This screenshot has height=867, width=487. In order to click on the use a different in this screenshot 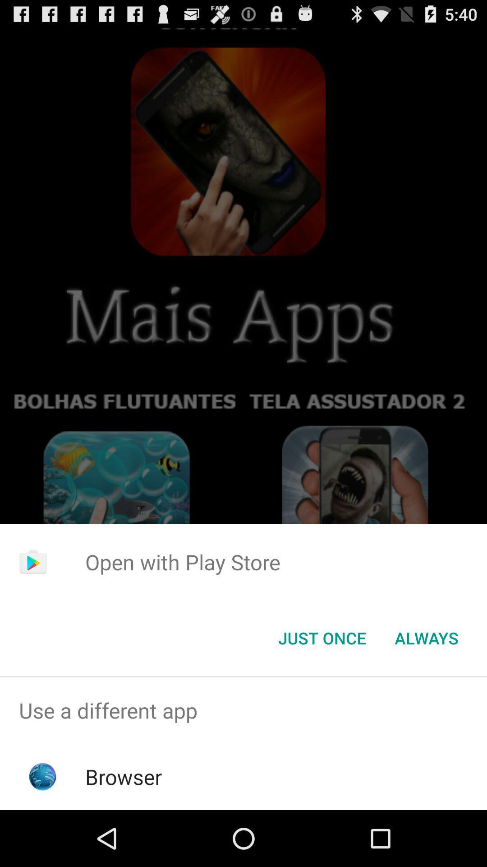, I will do `click(243, 710)`.